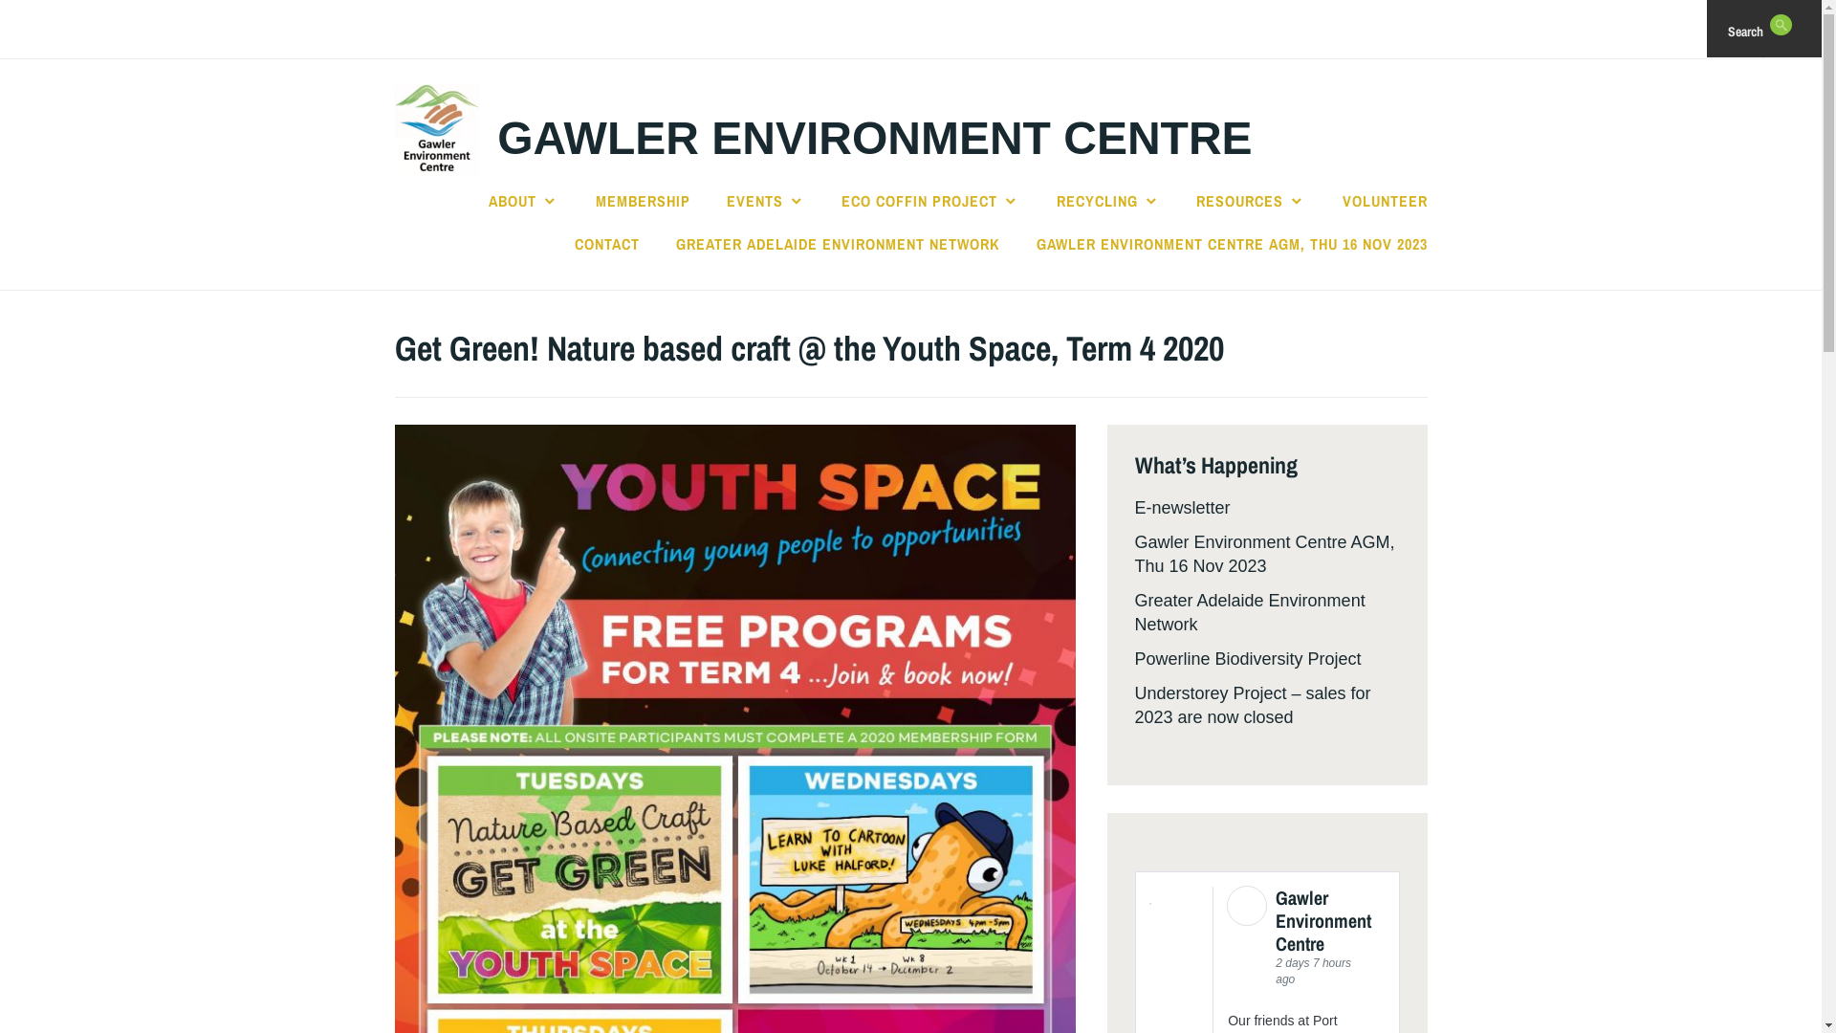  What do you see at coordinates (1247, 658) in the screenshot?
I see `'Powerline Biodiversity Project'` at bounding box center [1247, 658].